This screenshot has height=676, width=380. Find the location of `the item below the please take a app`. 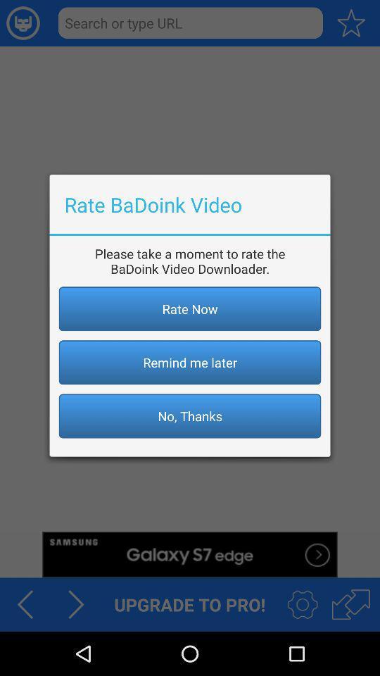

the item below the please take a app is located at coordinates (190, 308).